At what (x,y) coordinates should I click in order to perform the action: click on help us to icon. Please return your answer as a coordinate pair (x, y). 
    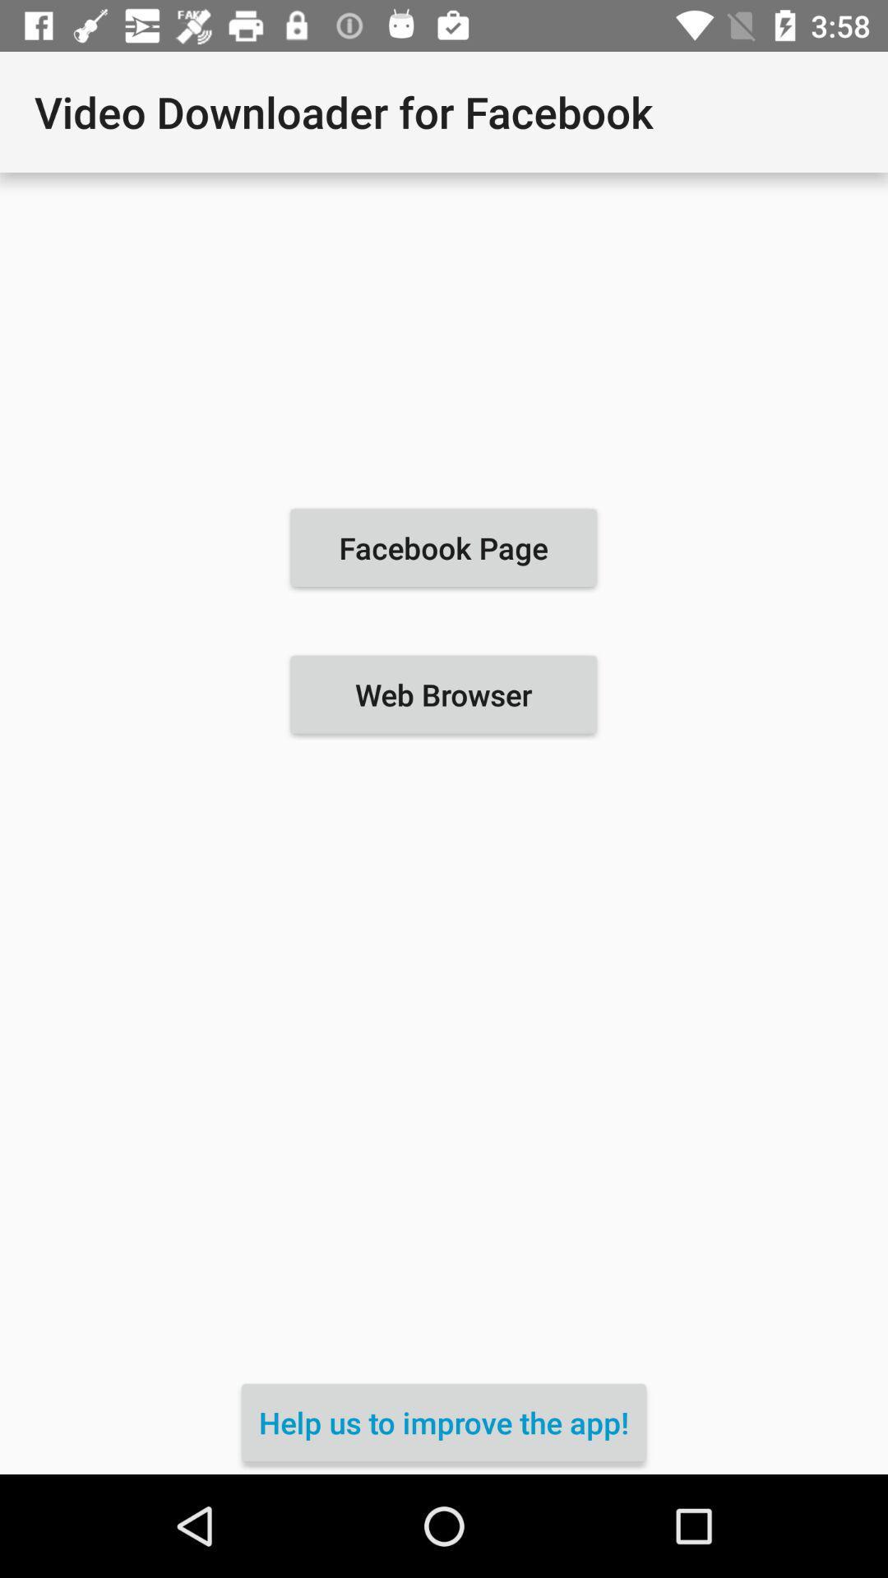
    Looking at the image, I should click on (444, 1422).